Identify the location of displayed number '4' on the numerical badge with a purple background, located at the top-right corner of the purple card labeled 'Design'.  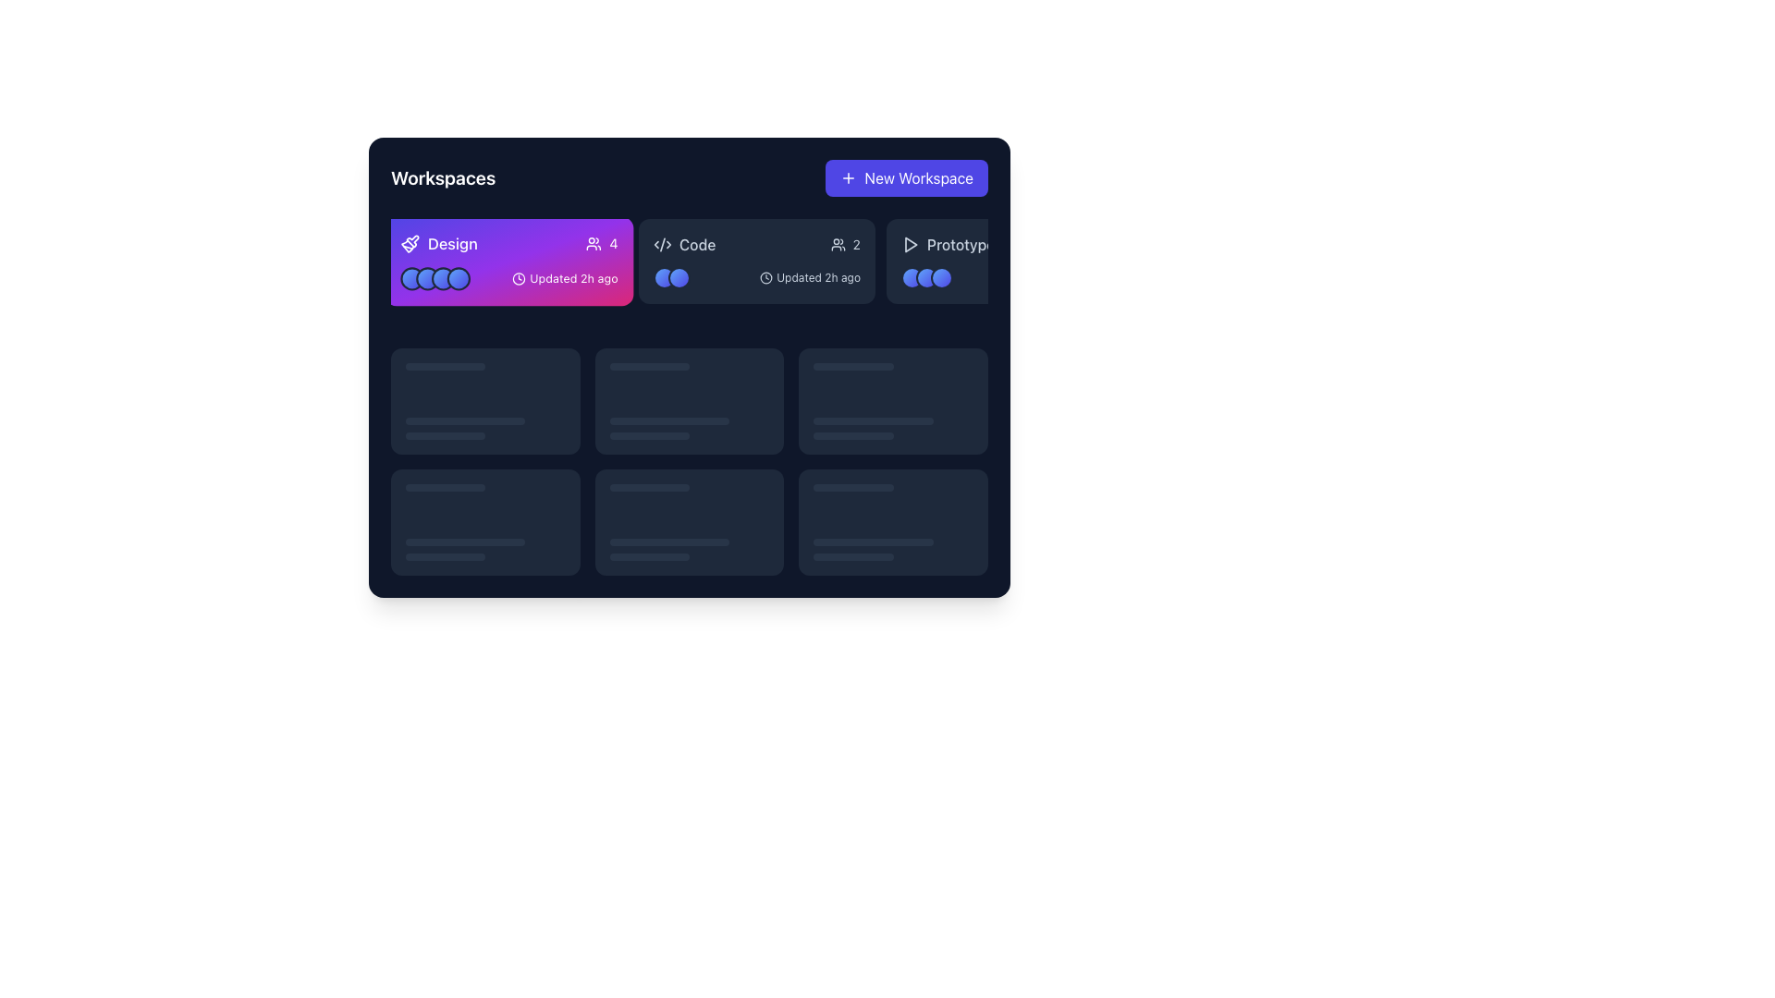
(602, 243).